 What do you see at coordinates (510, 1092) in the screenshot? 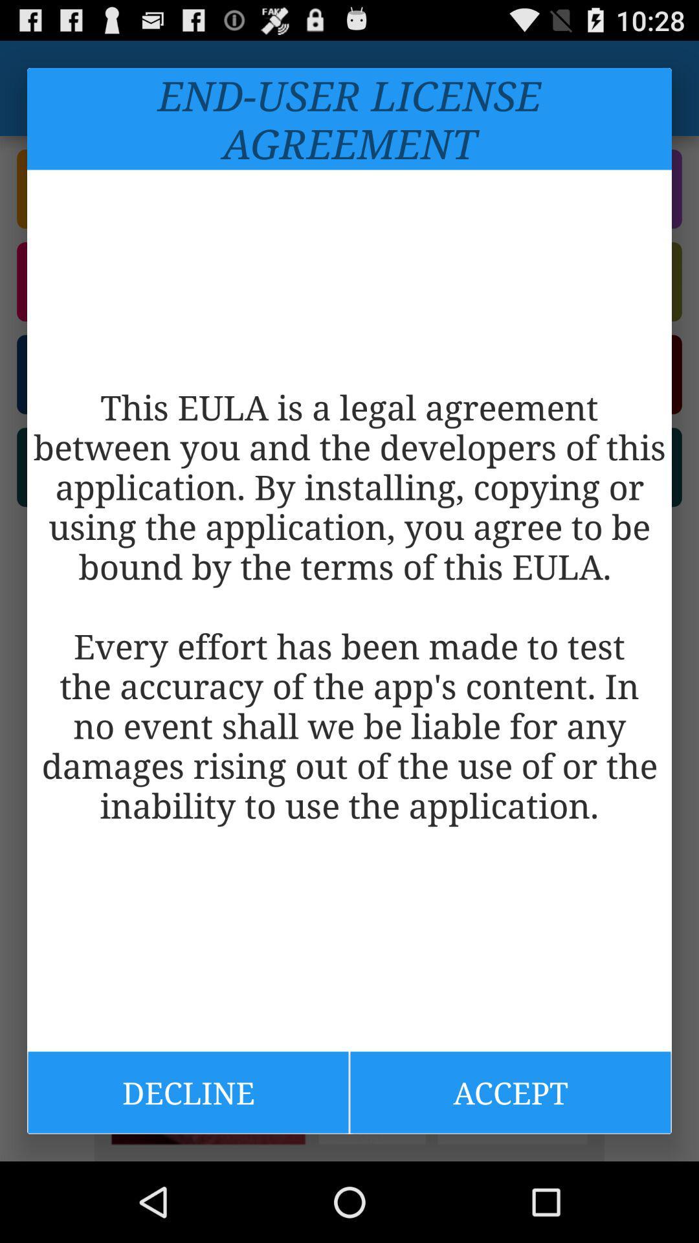
I see `icon at the bottom right corner` at bounding box center [510, 1092].